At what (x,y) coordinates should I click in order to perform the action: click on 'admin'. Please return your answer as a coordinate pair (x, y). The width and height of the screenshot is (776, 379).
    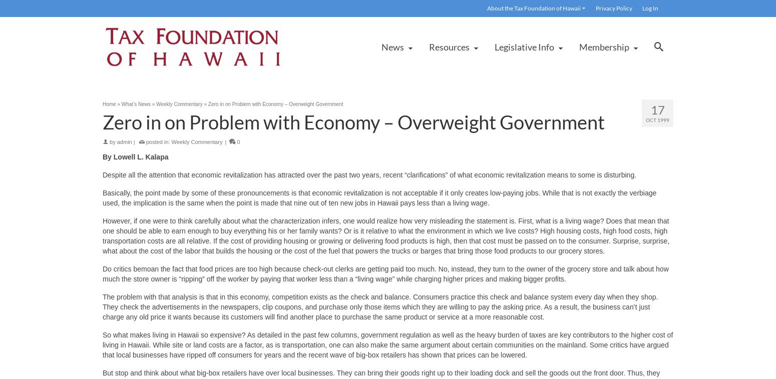
    Looking at the image, I should click on (124, 142).